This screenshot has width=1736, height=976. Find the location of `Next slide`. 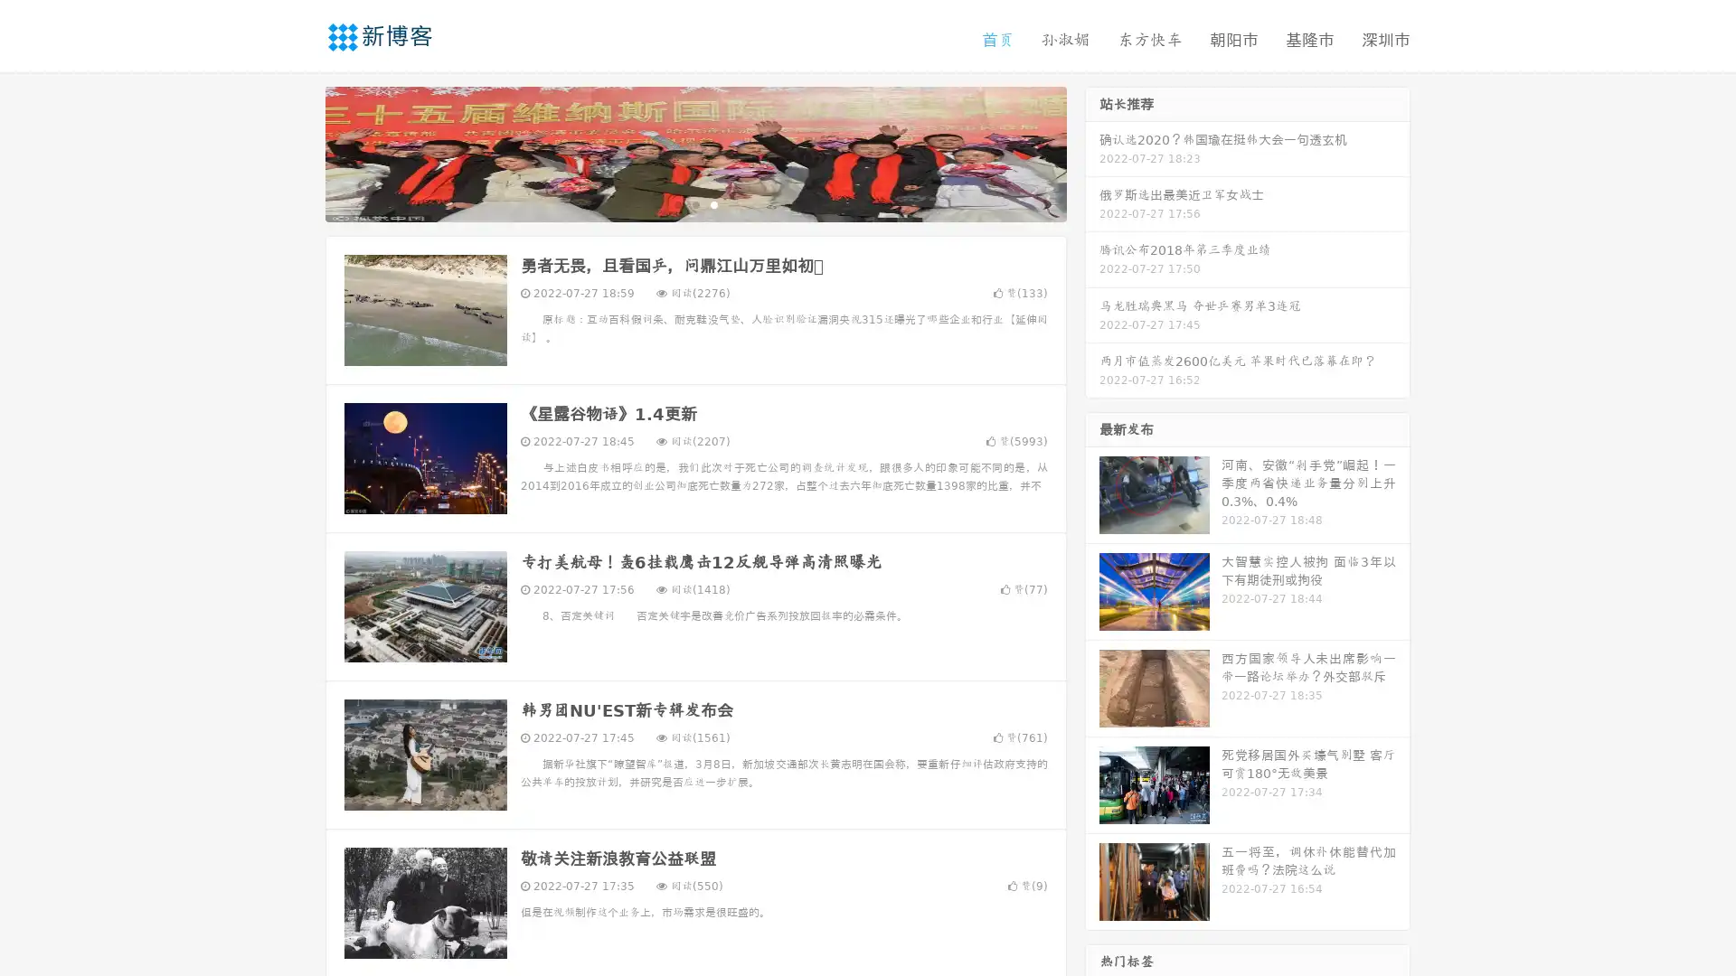

Next slide is located at coordinates (1092, 152).